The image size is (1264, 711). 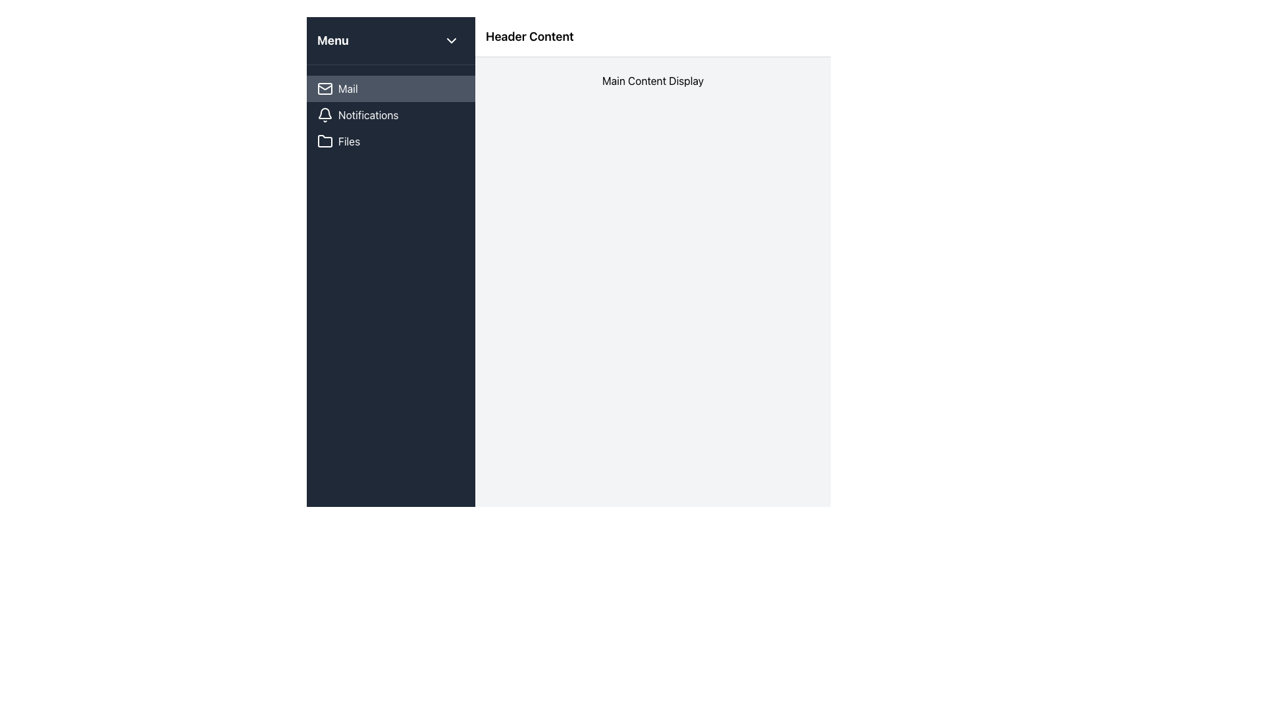 What do you see at coordinates (390, 142) in the screenshot?
I see `the third navigation button in the vertical menu panel on the left side of the layout` at bounding box center [390, 142].